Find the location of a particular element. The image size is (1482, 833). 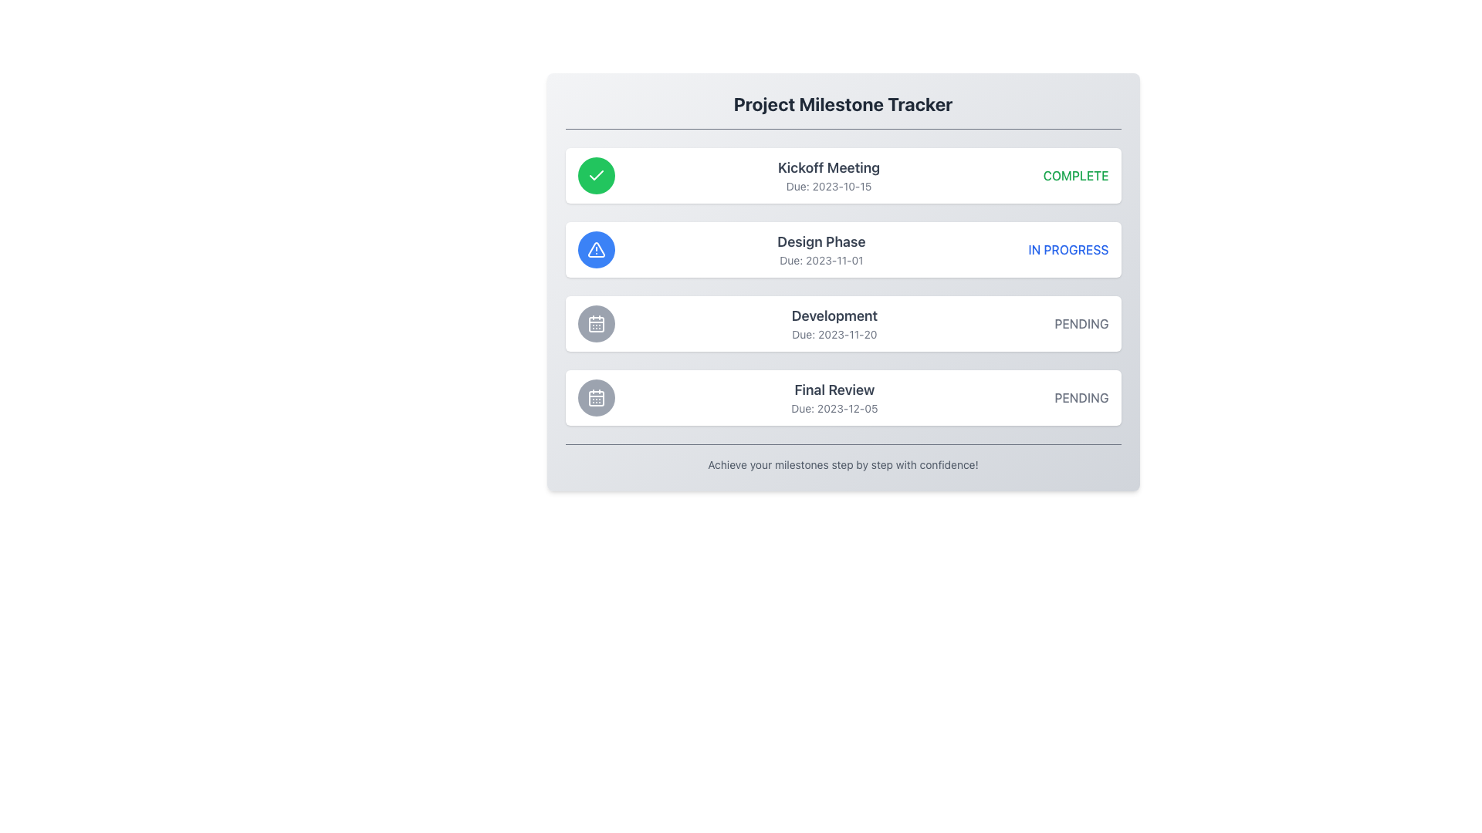

the 'Design Phase' milestone icon located on the far left of its row, which serves as a visual cue for users is located at coordinates (595, 249).